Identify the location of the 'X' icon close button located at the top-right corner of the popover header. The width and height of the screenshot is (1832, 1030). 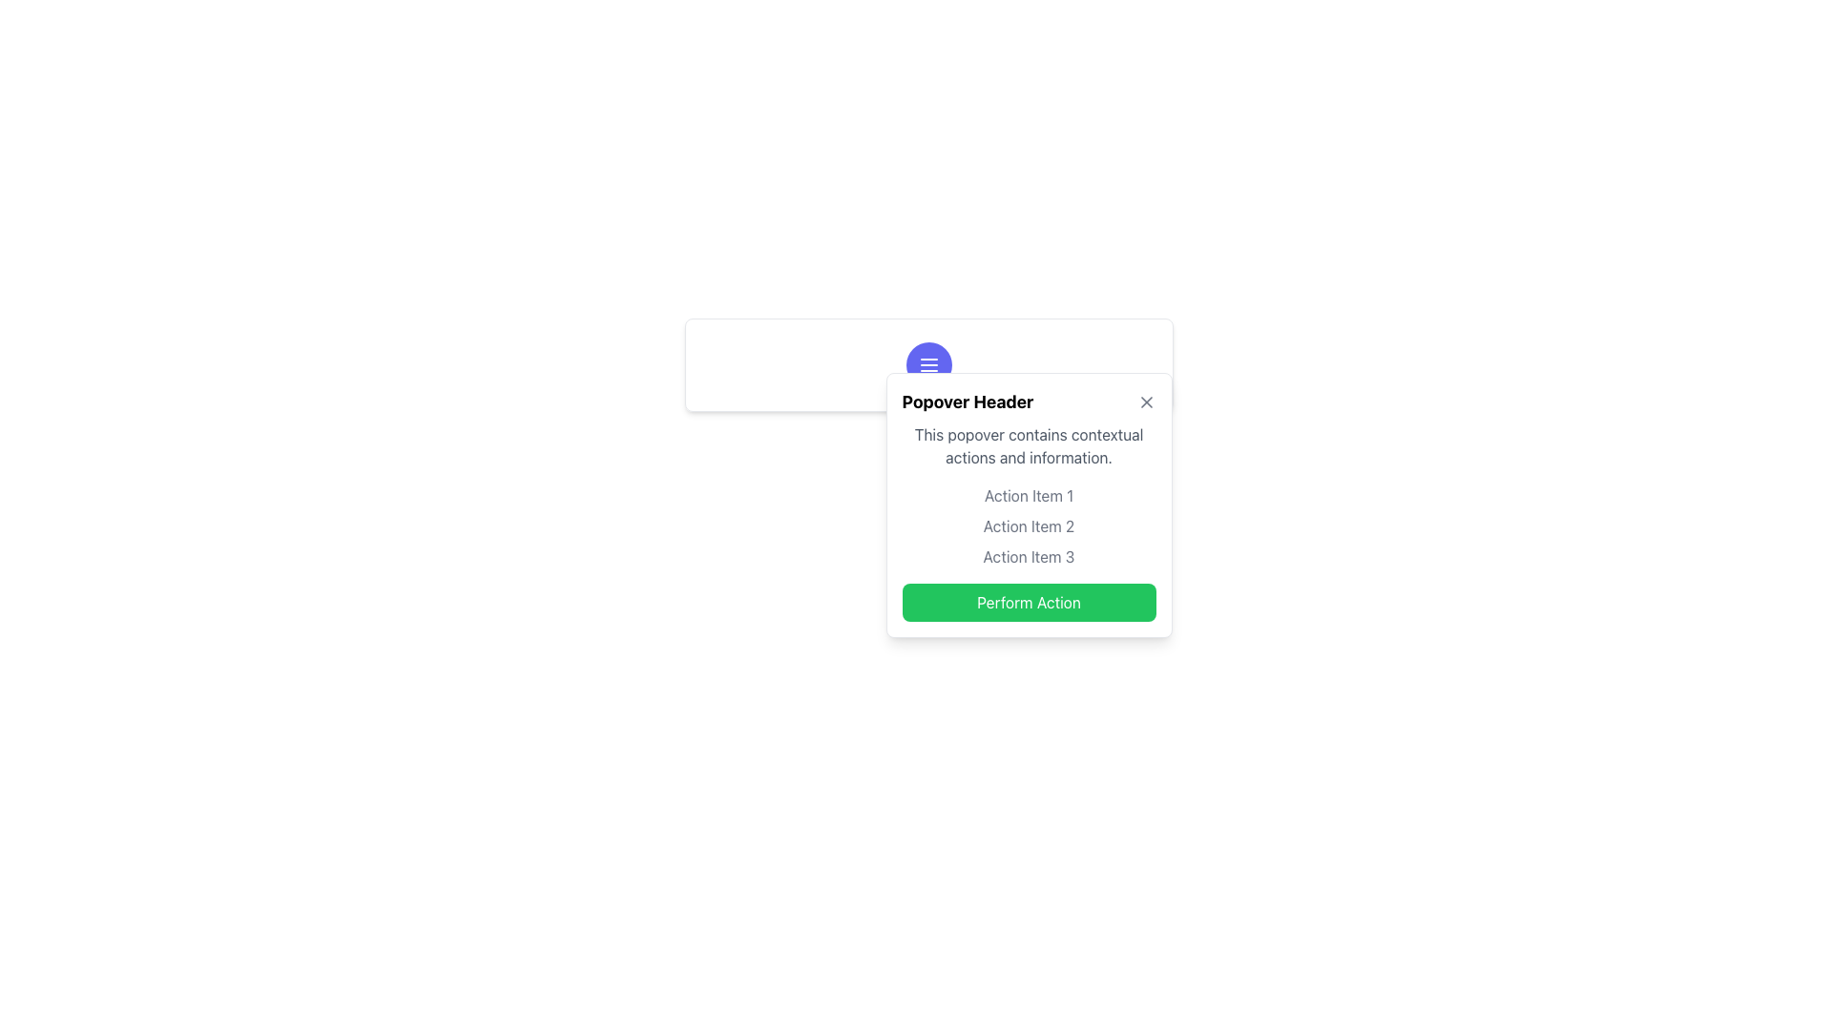
(1145, 401).